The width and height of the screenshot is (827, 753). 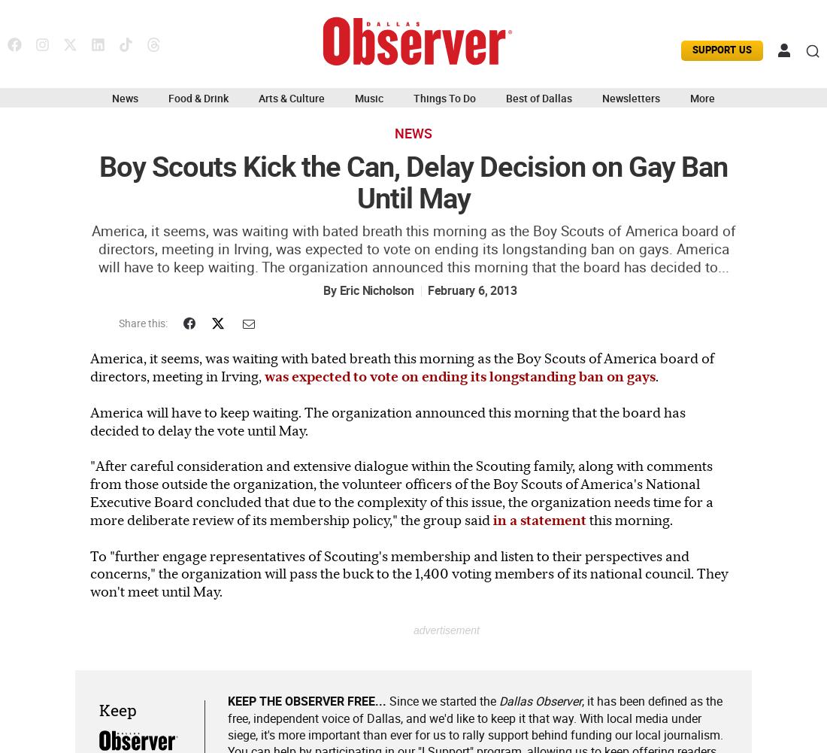 What do you see at coordinates (630, 97) in the screenshot?
I see `'Newsletters'` at bounding box center [630, 97].